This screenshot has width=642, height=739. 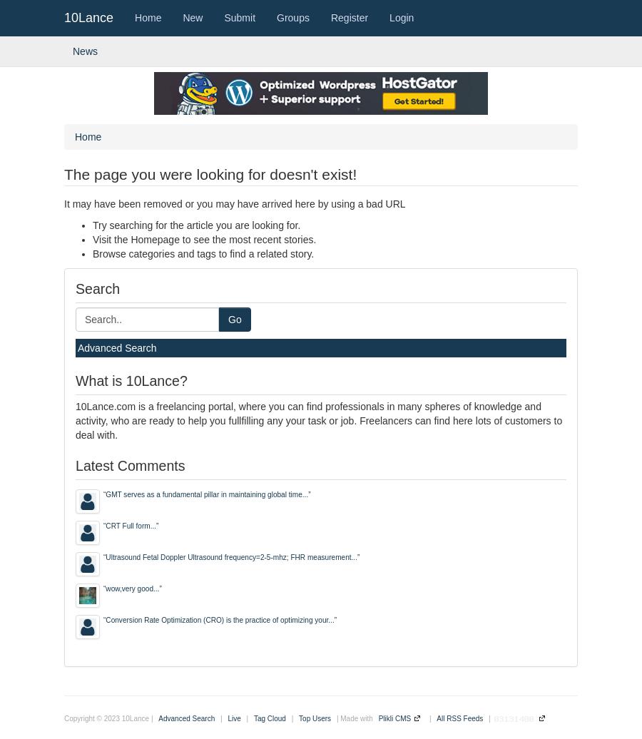 I want to click on 'Conversion Rate Optimization (CRO) is the practice of optimizing your...', so click(x=218, y=619).